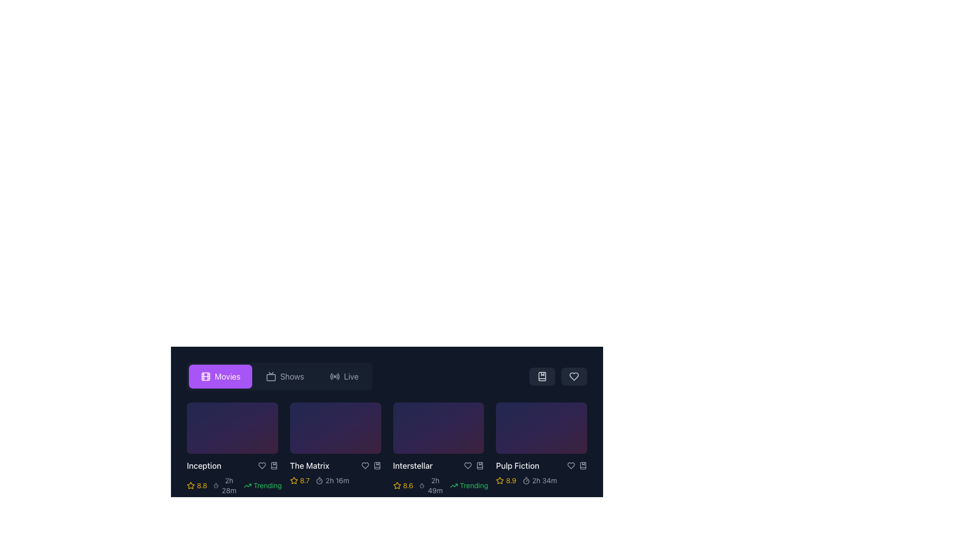 The image size is (957, 538). What do you see at coordinates (274, 465) in the screenshot?
I see `the bookmark icon located in the bottom navigation section of the movie card for 'The Matrix'` at bounding box center [274, 465].